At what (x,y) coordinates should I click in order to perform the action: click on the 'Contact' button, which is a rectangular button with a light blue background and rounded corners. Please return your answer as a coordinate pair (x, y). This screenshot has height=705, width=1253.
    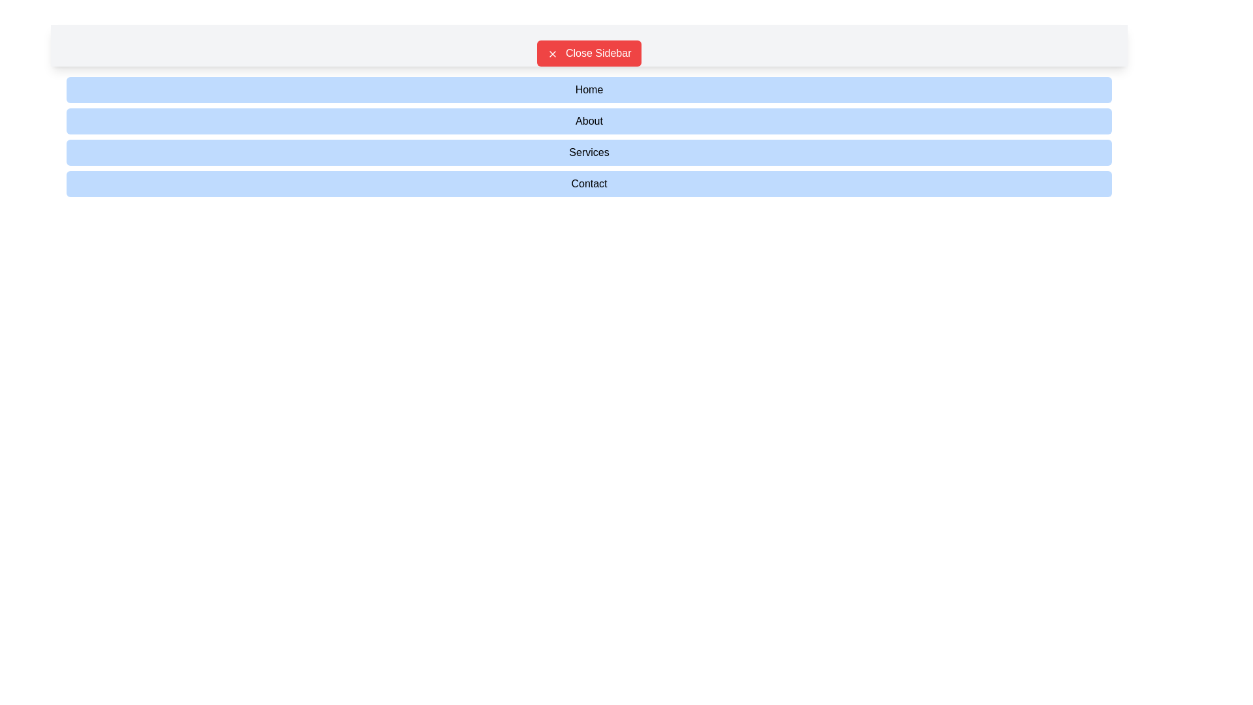
    Looking at the image, I should click on (588, 183).